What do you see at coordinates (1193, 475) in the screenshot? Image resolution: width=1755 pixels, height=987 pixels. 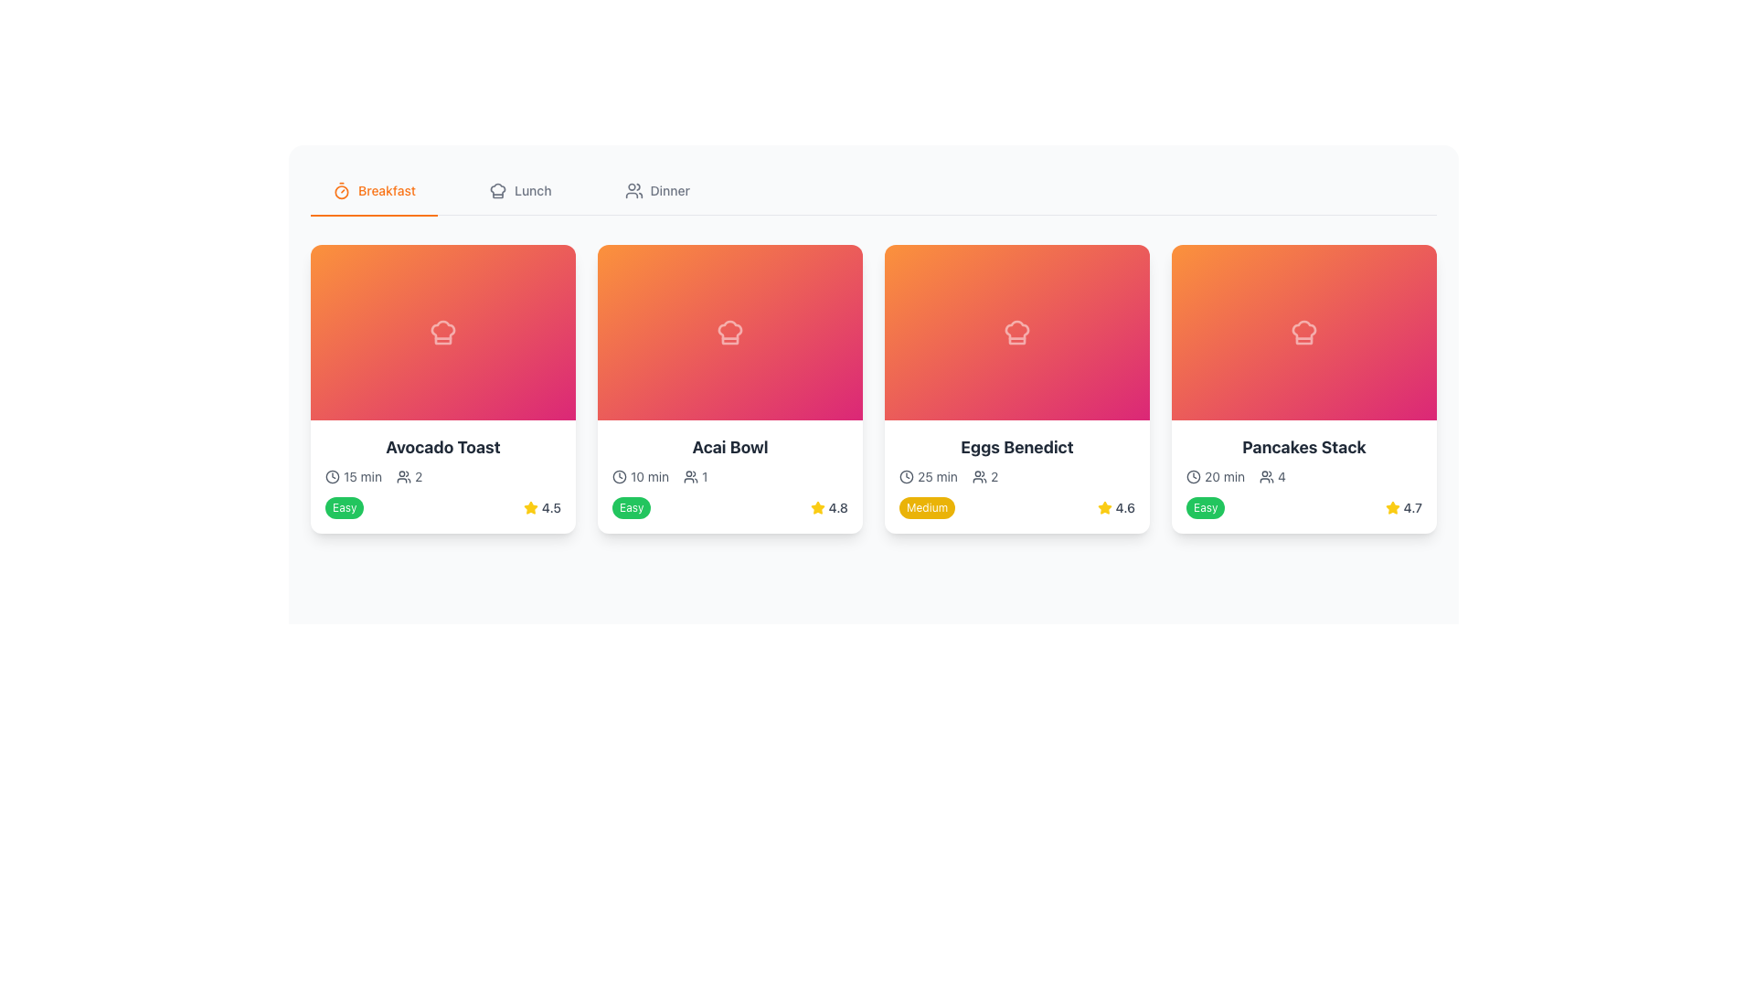 I see `the circular SVG graphic element representing the outer outline of the clock icon in the navigation bar for the active tab labeled 'Breakfast'` at bounding box center [1193, 475].